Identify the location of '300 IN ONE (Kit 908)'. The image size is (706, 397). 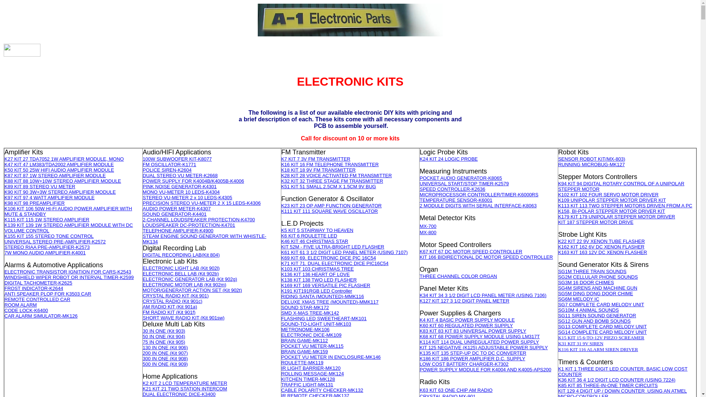
(165, 358).